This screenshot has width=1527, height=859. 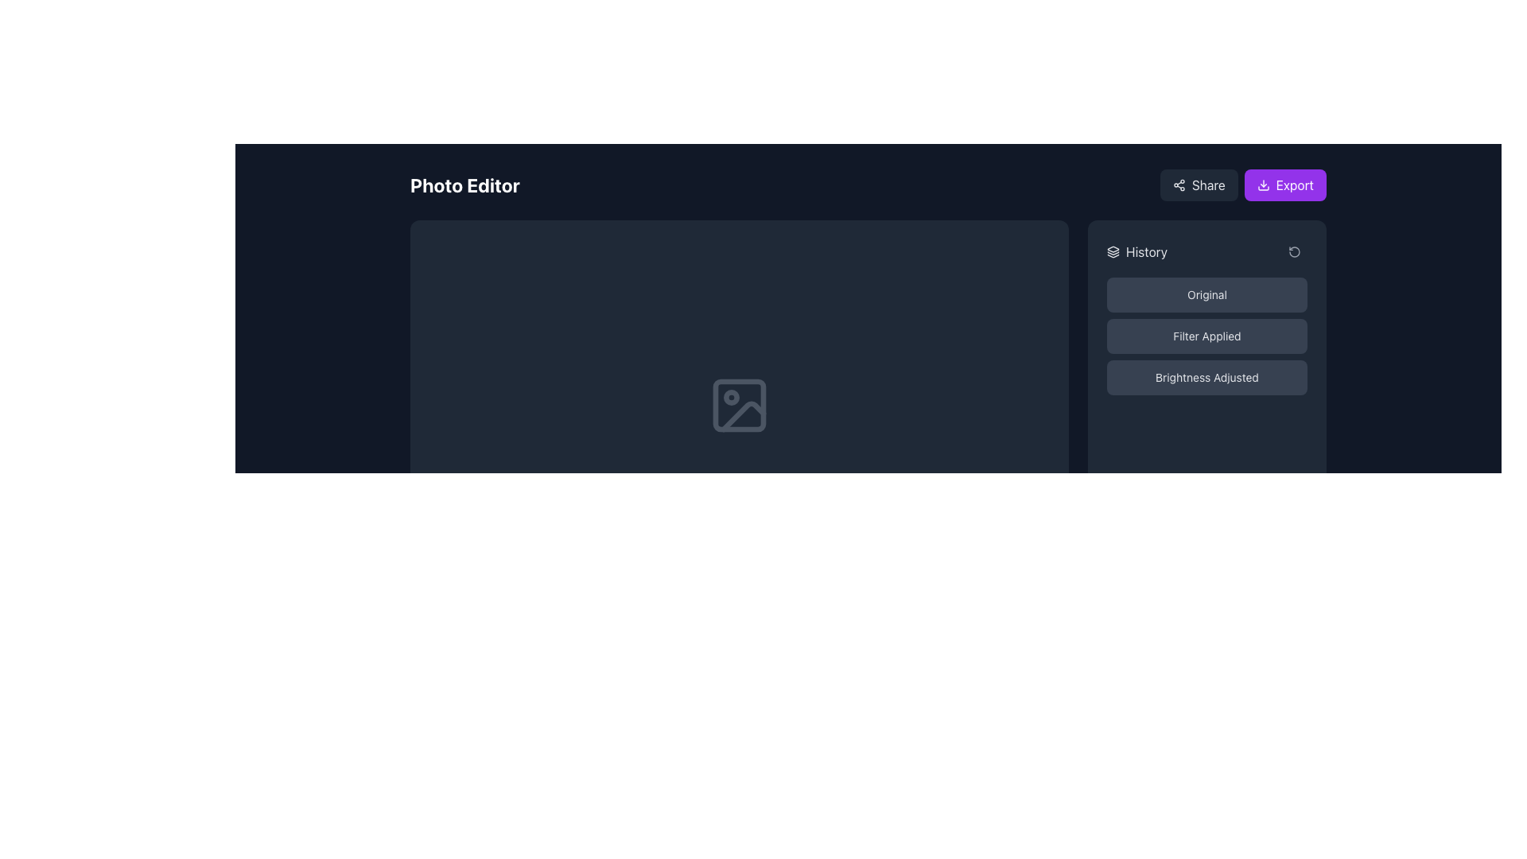 I want to click on the undo/reset icon button located at the top-right corner of the 'History' panel, so click(x=1294, y=251).